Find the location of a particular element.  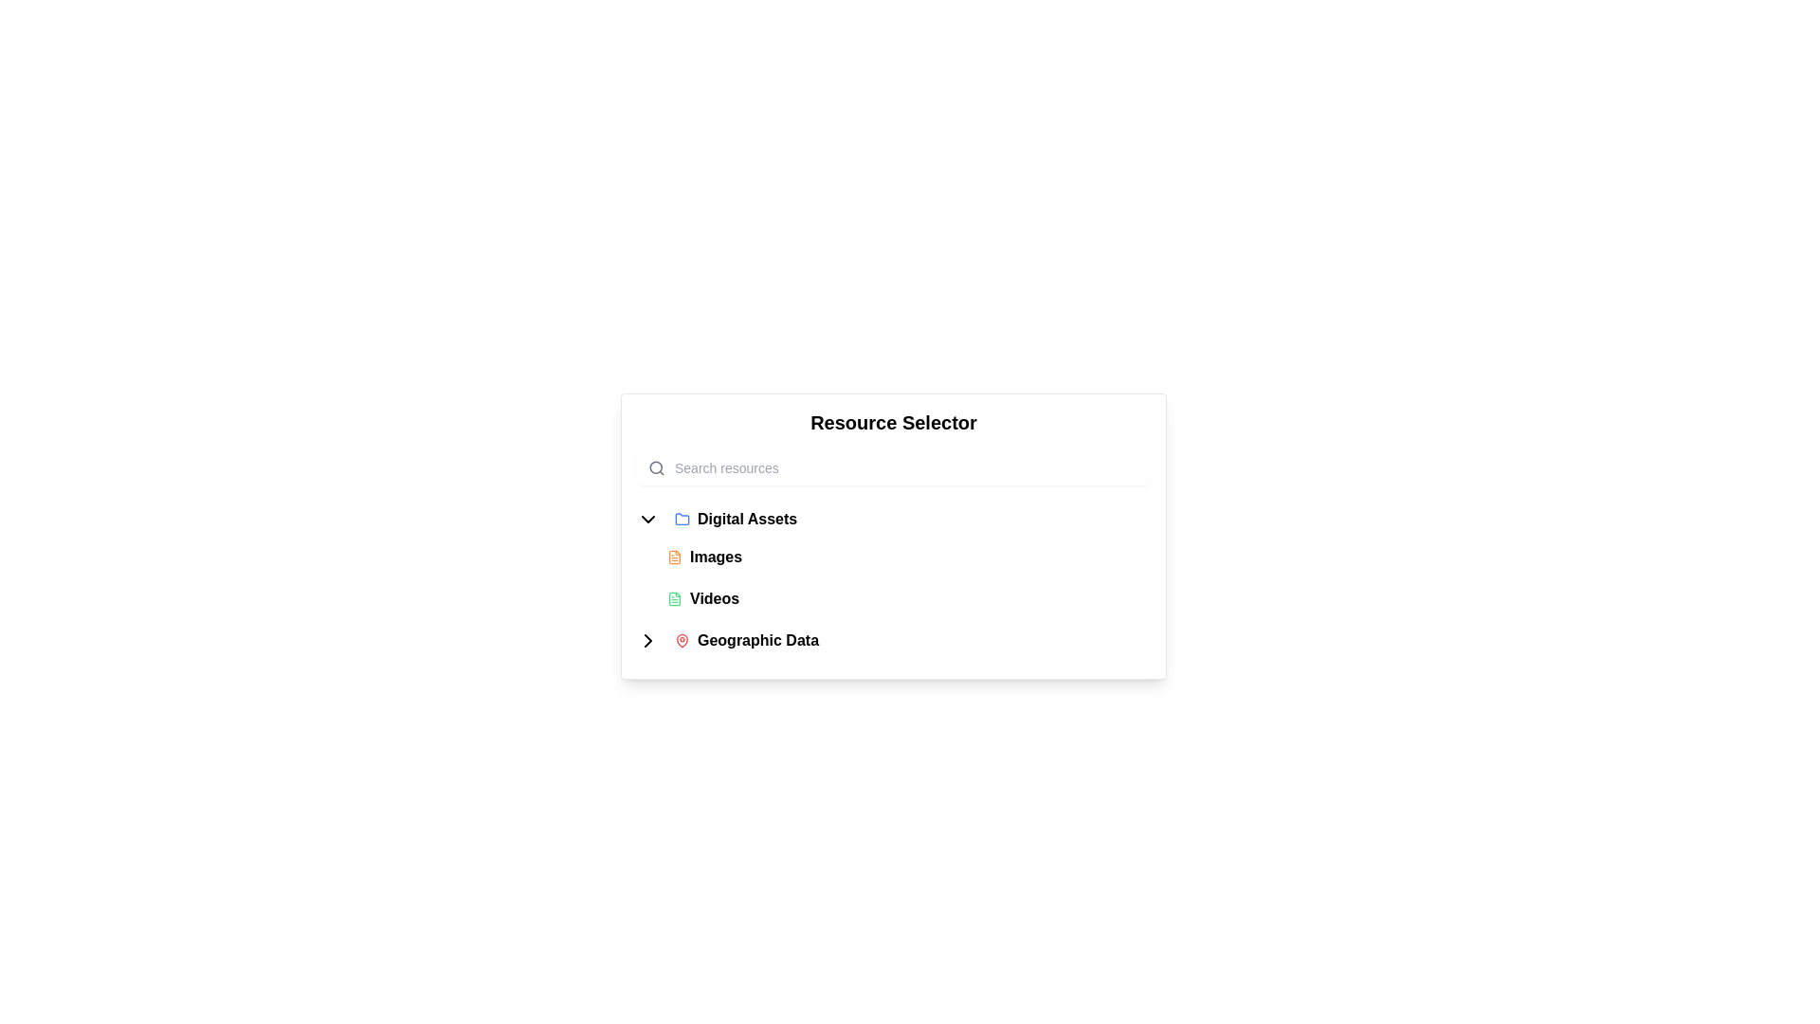

the button with a right-pointing chevron icon, located to the left of the text 'Geographic Data', to interact is located at coordinates (648, 640).